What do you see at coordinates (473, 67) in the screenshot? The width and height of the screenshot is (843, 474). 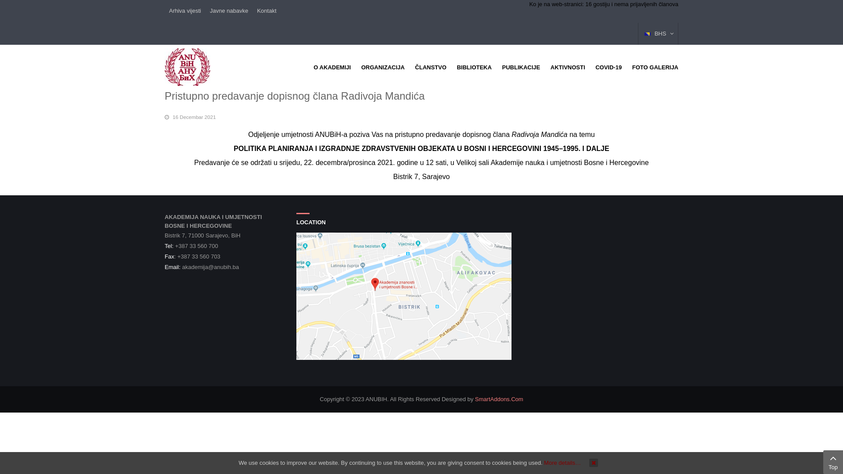 I see `'BIBLIOTEKA'` at bounding box center [473, 67].